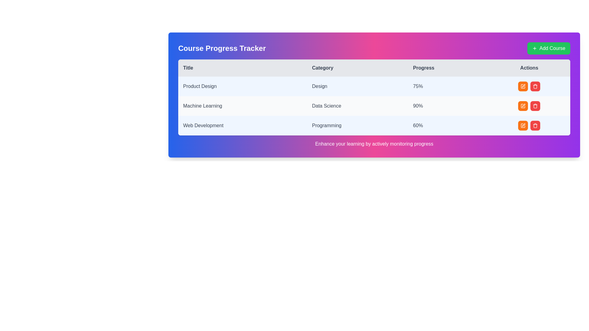 Image resolution: width=589 pixels, height=331 pixels. What do you see at coordinates (523, 125) in the screenshot?
I see `the edit button for the 'Web Development' course entry located in the 'Actions' column of the table` at bounding box center [523, 125].